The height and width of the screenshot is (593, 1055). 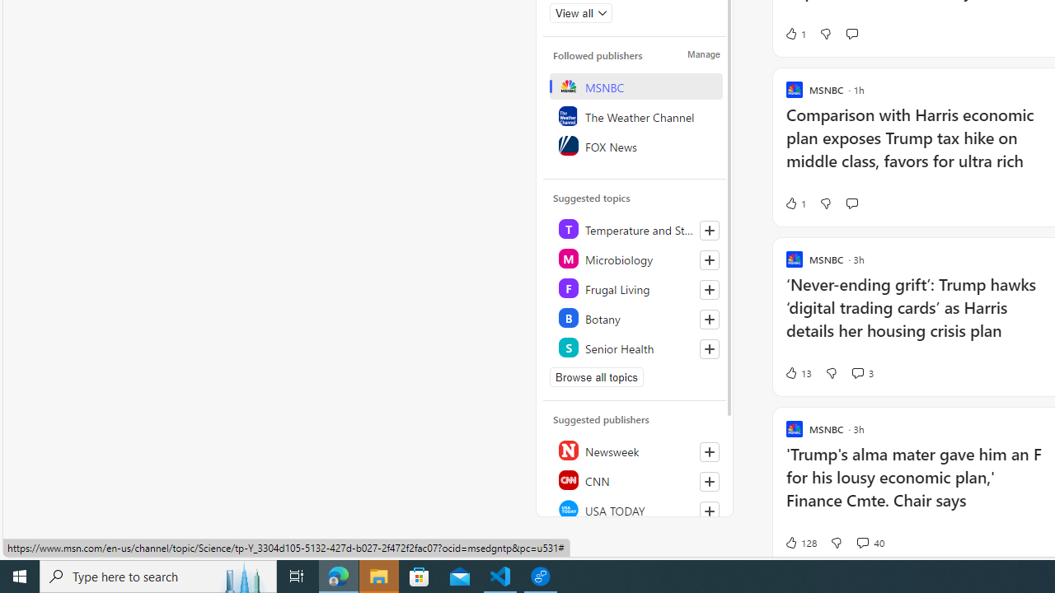 What do you see at coordinates (798, 372) in the screenshot?
I see `'13 Like'` at bounding box center [798, 372].